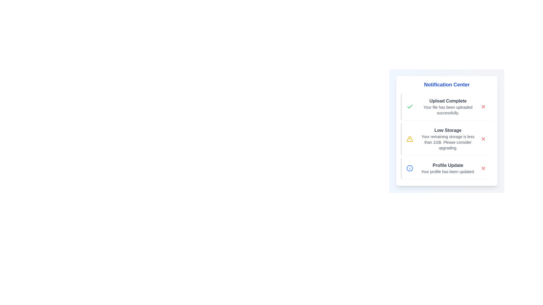  I want to click on the notification message indicating successful file upload, which is positioned below a checkmark icon and to the left of a dismiss red 'X' icon, so click(448, 107).